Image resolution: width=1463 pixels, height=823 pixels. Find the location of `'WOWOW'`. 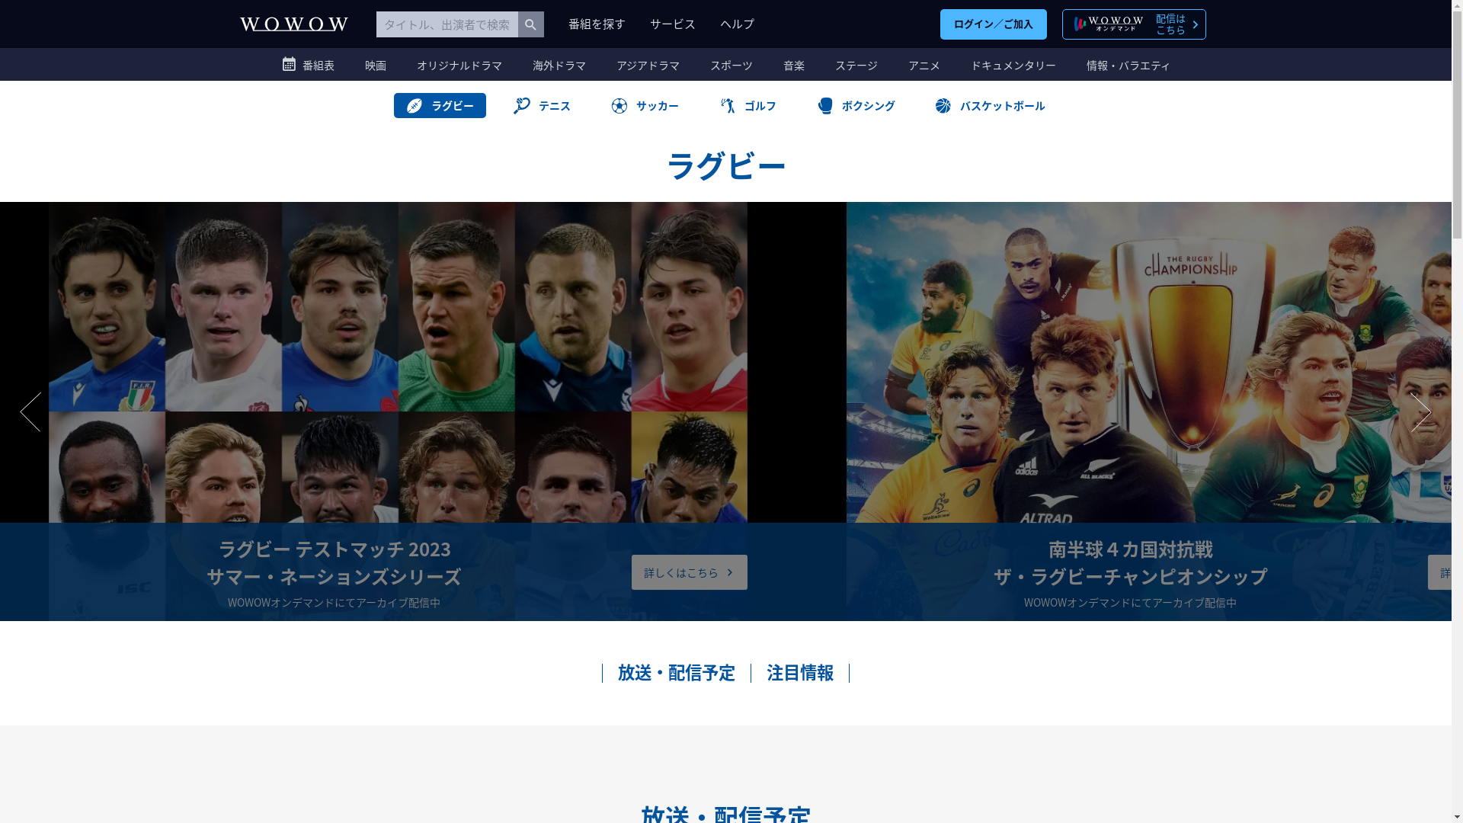

'WOWOW' is located at coordinates (293, 24).